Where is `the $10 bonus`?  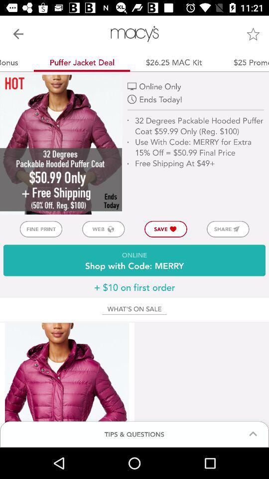 the $10 bonus is located at coordinates (16, 61).